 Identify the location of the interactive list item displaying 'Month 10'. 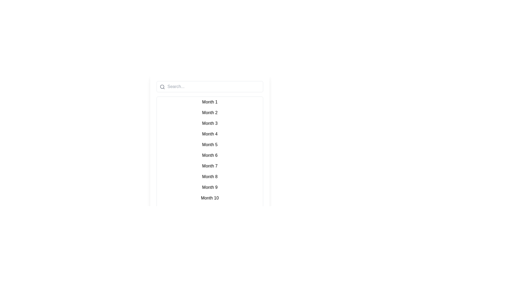
(210, 198).